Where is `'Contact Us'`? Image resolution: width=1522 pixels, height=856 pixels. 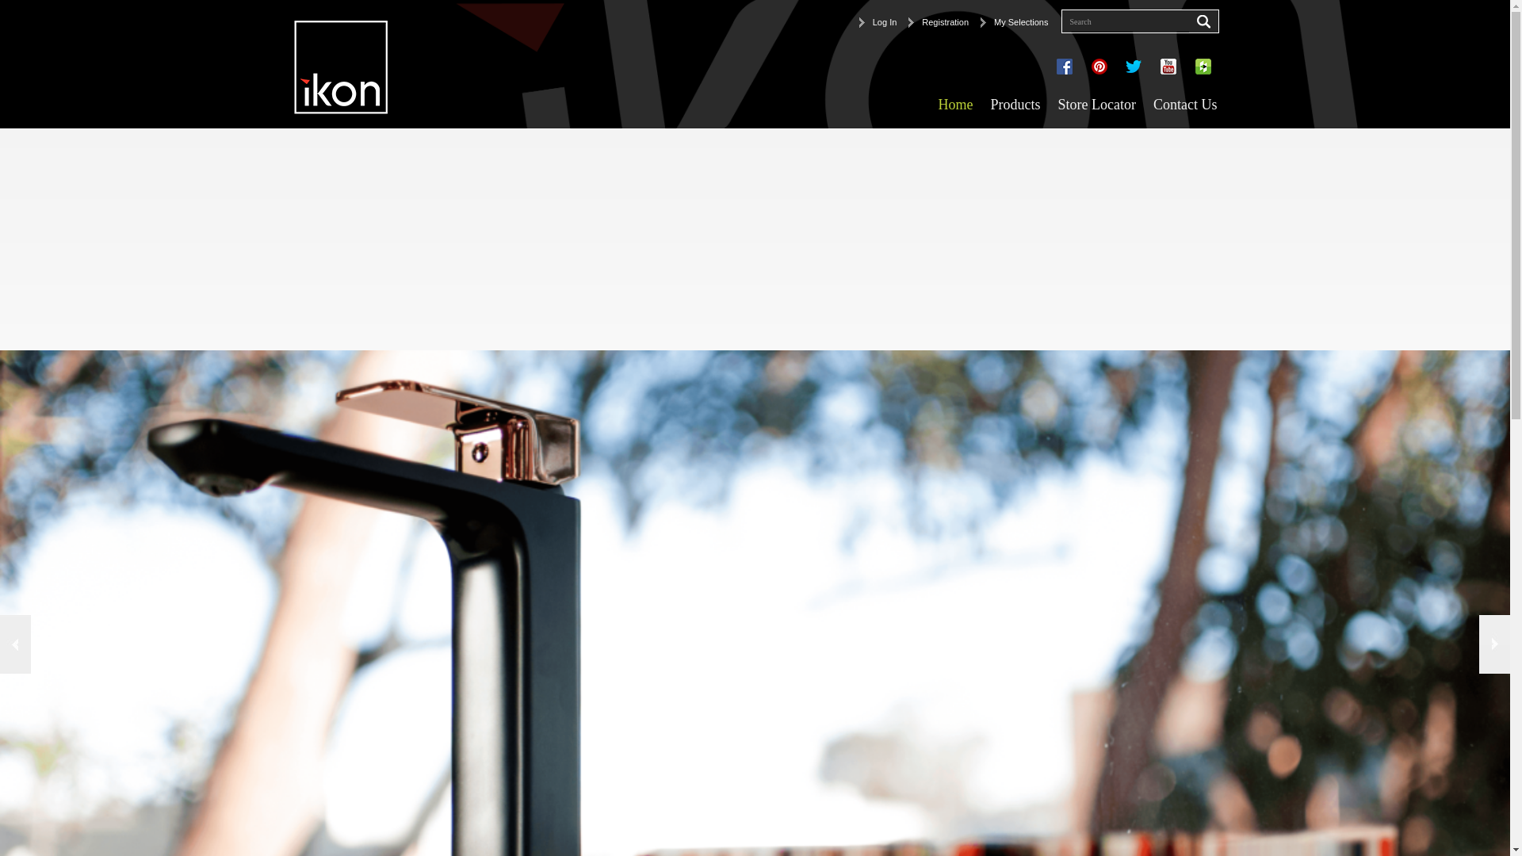 'Contact Us' is located at coordinates (1145, 105).